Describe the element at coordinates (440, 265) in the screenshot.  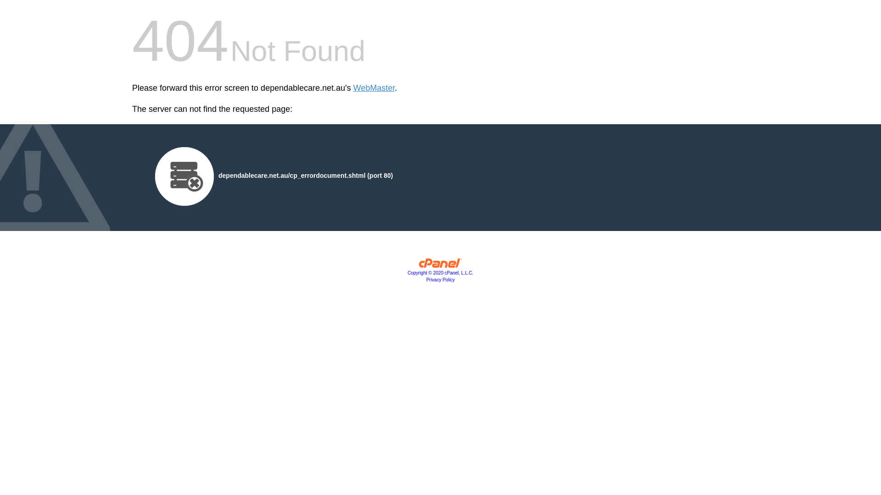
I see `'cPanel, Inc.'` at that location.